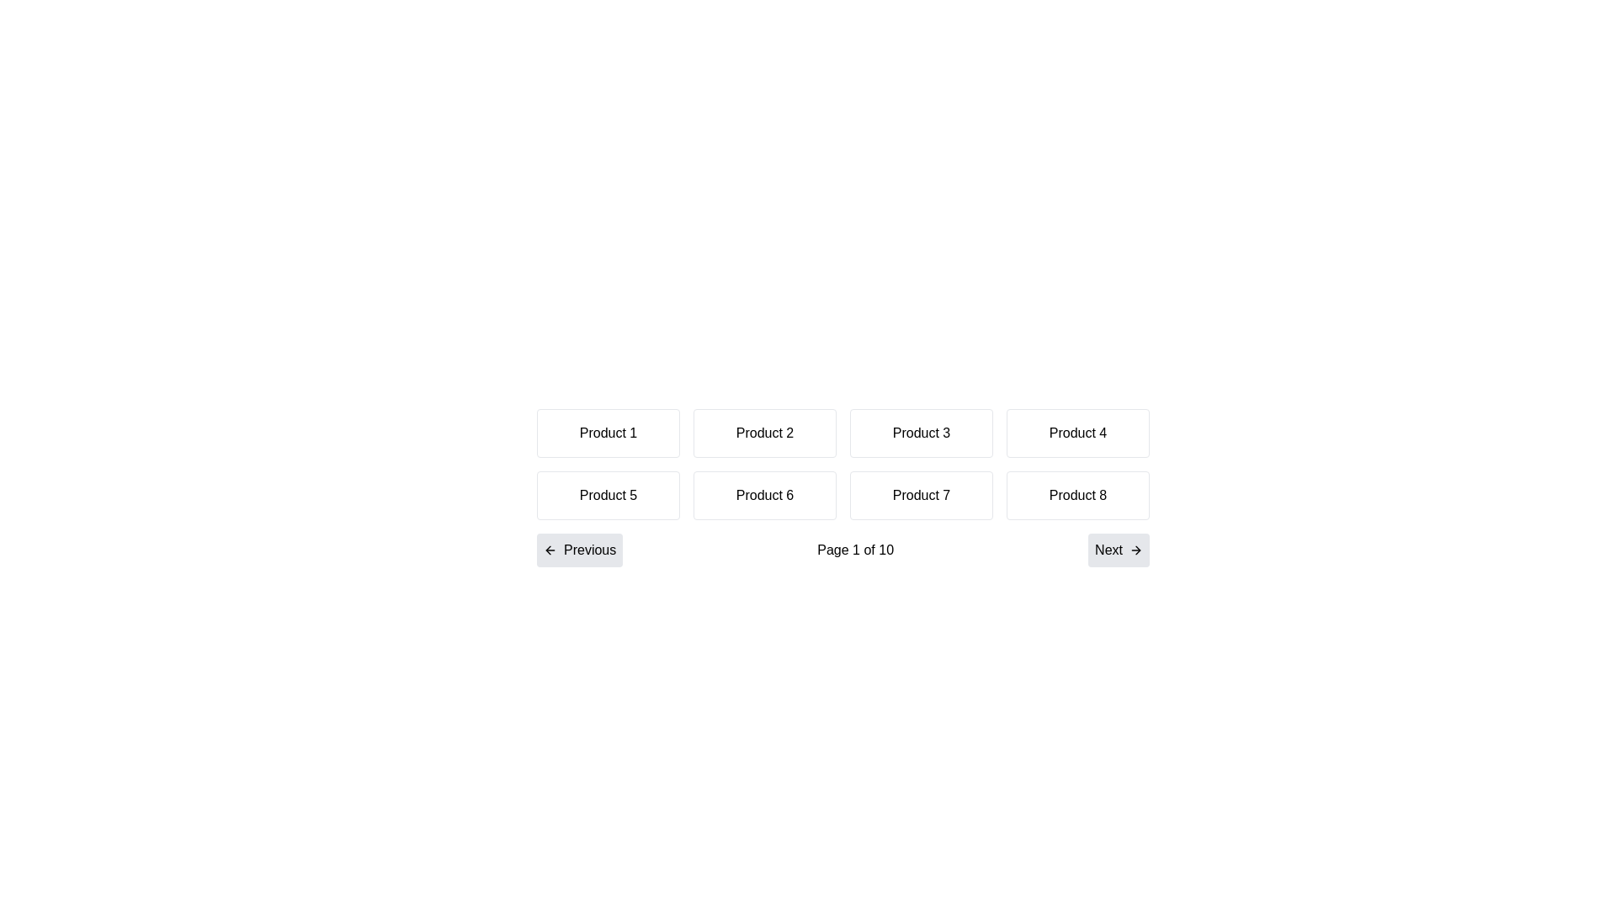 The image size is (1616, 909). Describe the element at coordinates (1078, 433) in the screenshot. I see `the Grid Item for 'Product 4', which is the fourth item in the first row of a 4x2 grid layout` at that location.